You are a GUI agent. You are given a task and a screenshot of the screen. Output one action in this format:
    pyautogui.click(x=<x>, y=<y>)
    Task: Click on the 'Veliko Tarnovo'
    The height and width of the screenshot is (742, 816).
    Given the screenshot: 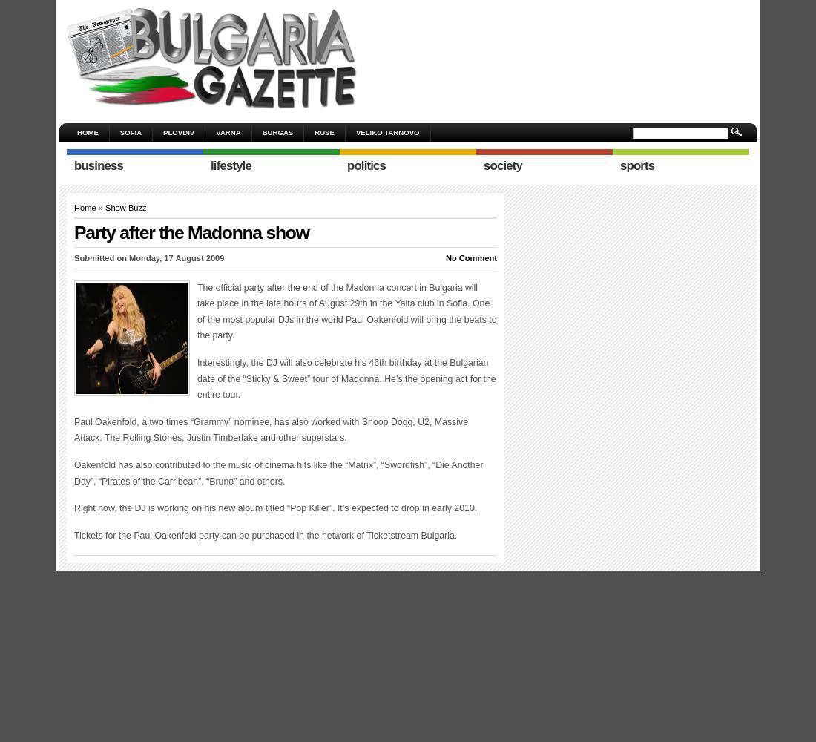 What is the action you would take?
    pyautogui.click(x=386, y=132)
    